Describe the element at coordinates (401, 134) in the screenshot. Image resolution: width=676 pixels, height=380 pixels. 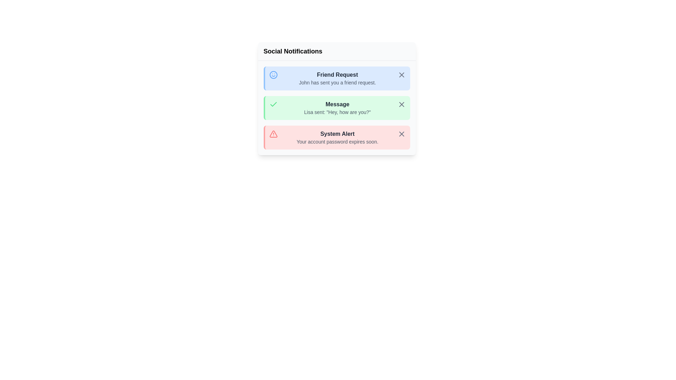
I see `the 'X' Close button located in the top-right corner of the red 'System Alert' notification card` at that location.